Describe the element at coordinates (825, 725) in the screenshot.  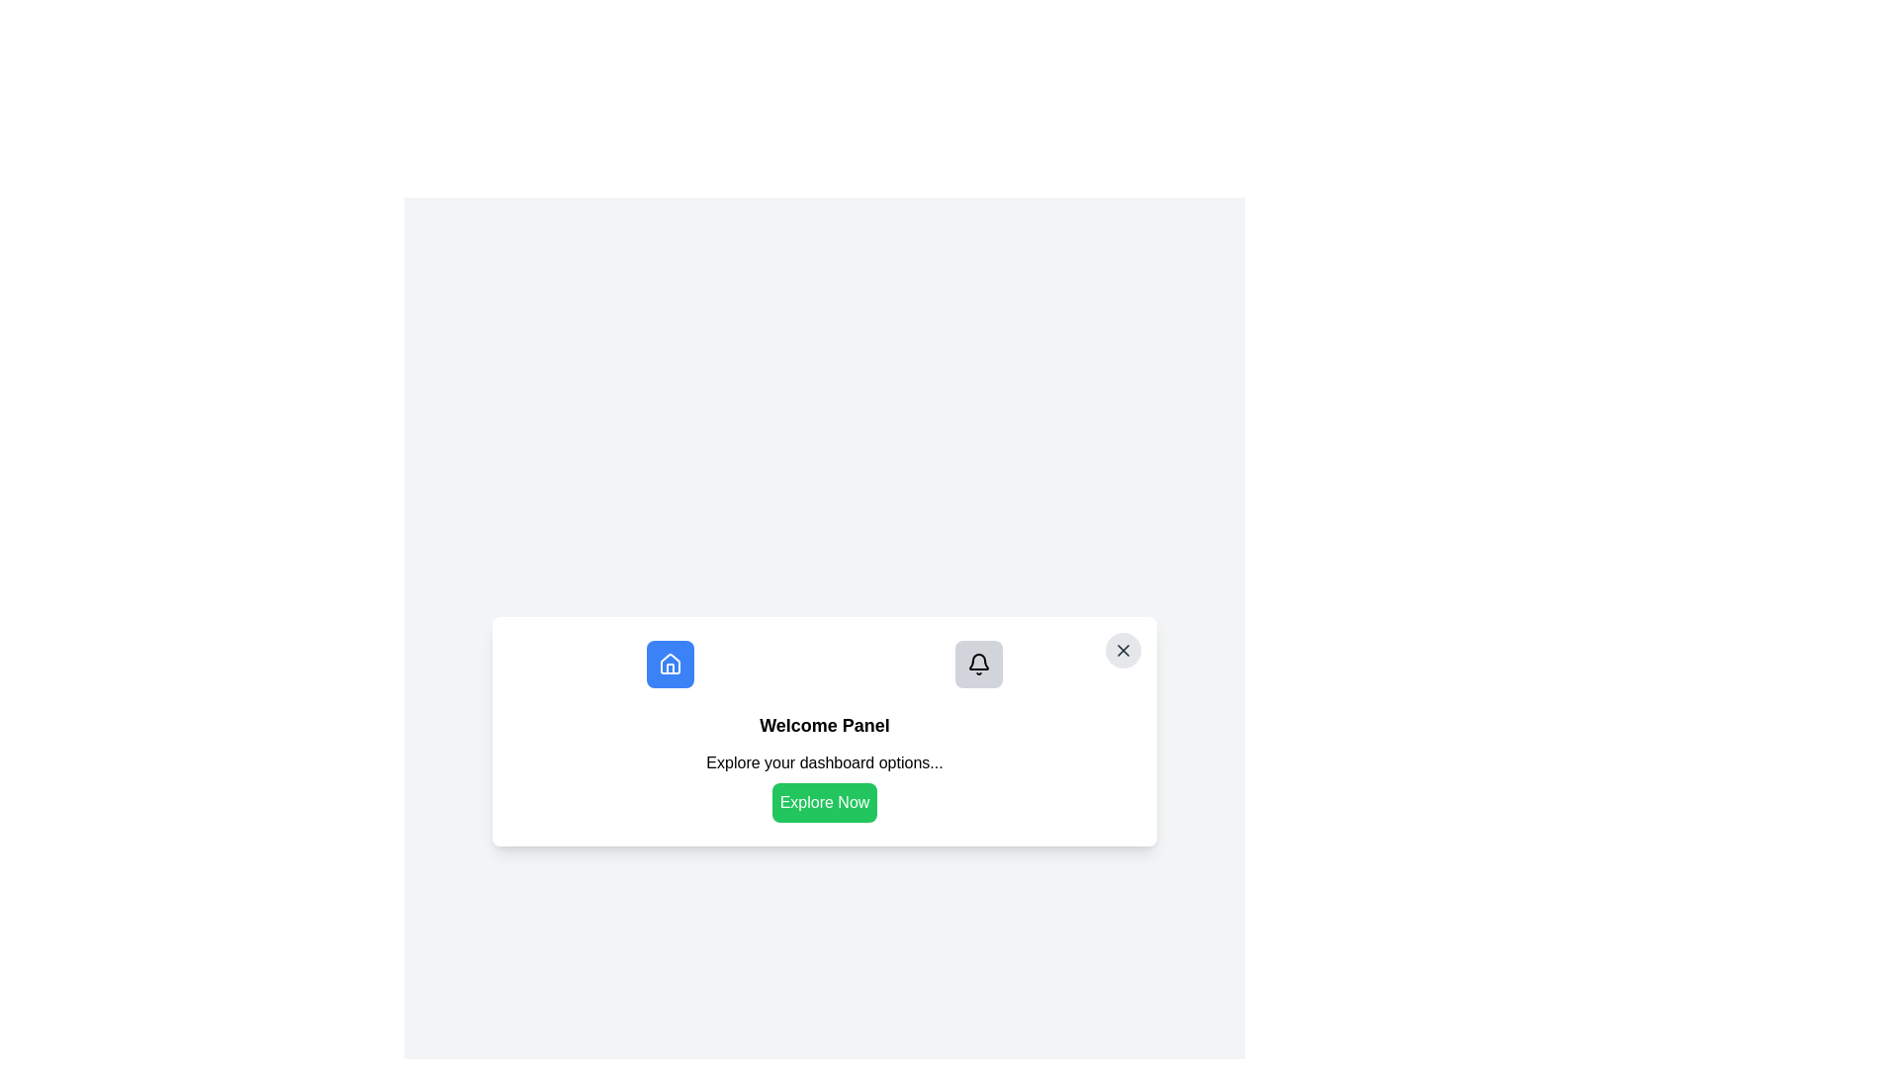
I see `text of the Text Header located at the center of the panel, which serves as the heading for the section` at that location.